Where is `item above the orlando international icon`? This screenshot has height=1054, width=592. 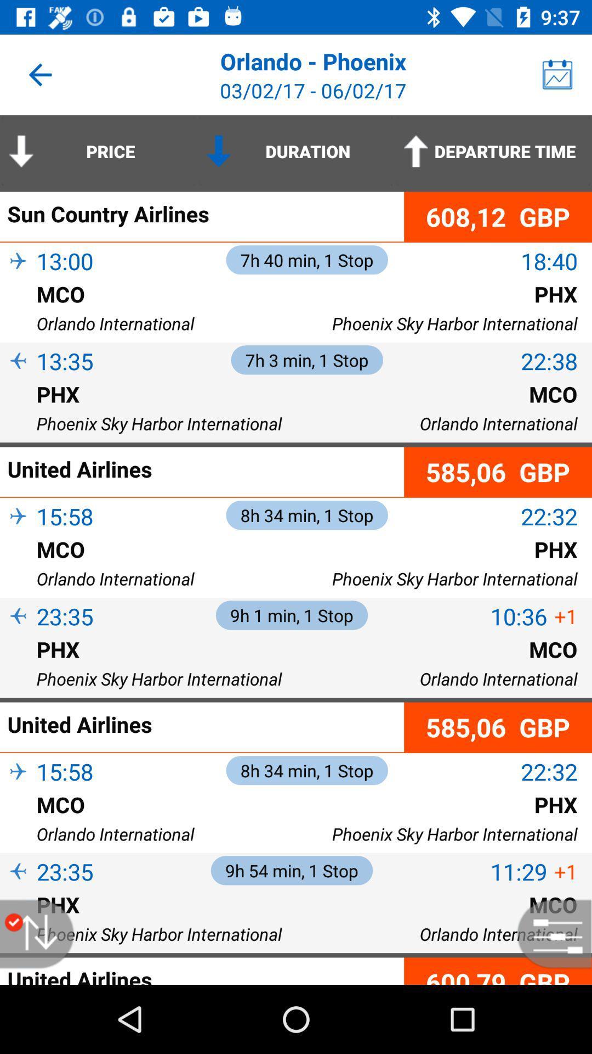 item above the orlando international icon is located at coordinates (18, 567).